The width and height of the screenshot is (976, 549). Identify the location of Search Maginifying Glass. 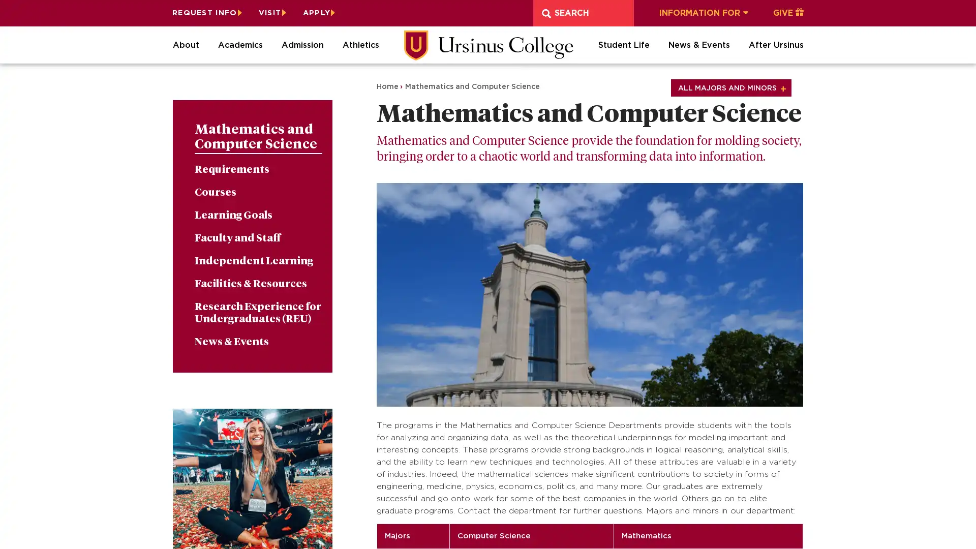
(546, 13).